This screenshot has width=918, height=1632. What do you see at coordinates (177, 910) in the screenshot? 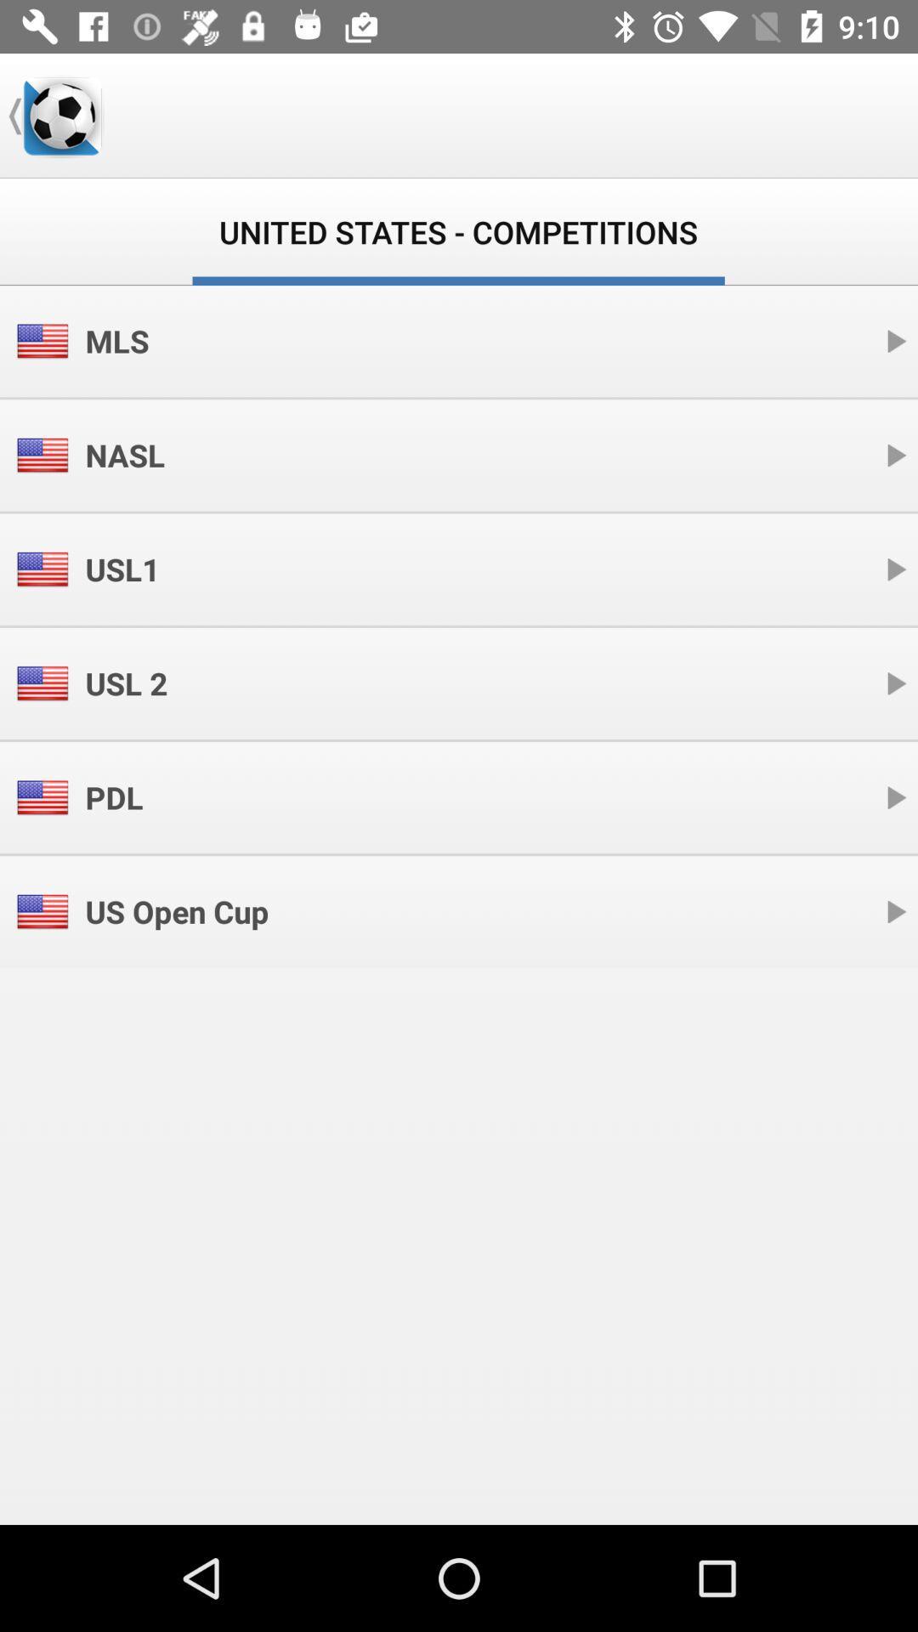
I see `the us open cup` at bounding box center [177, 910].